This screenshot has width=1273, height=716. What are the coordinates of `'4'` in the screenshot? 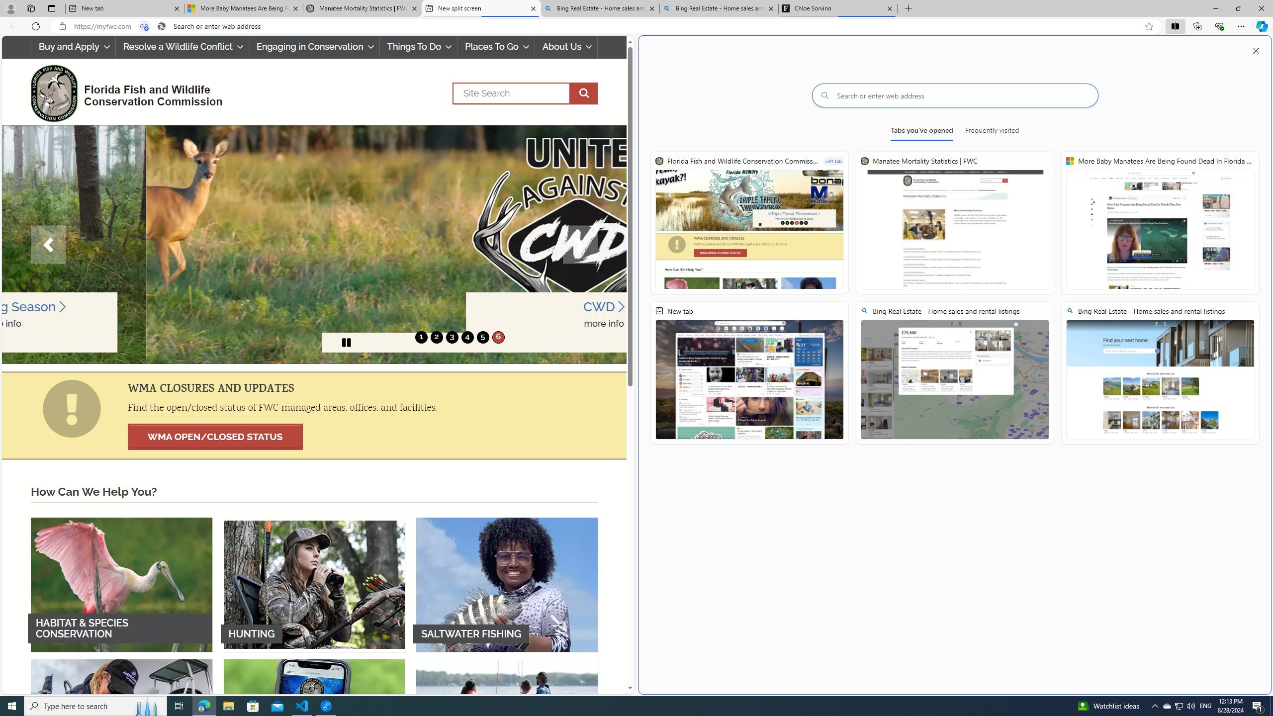 It's located at (466, 337).